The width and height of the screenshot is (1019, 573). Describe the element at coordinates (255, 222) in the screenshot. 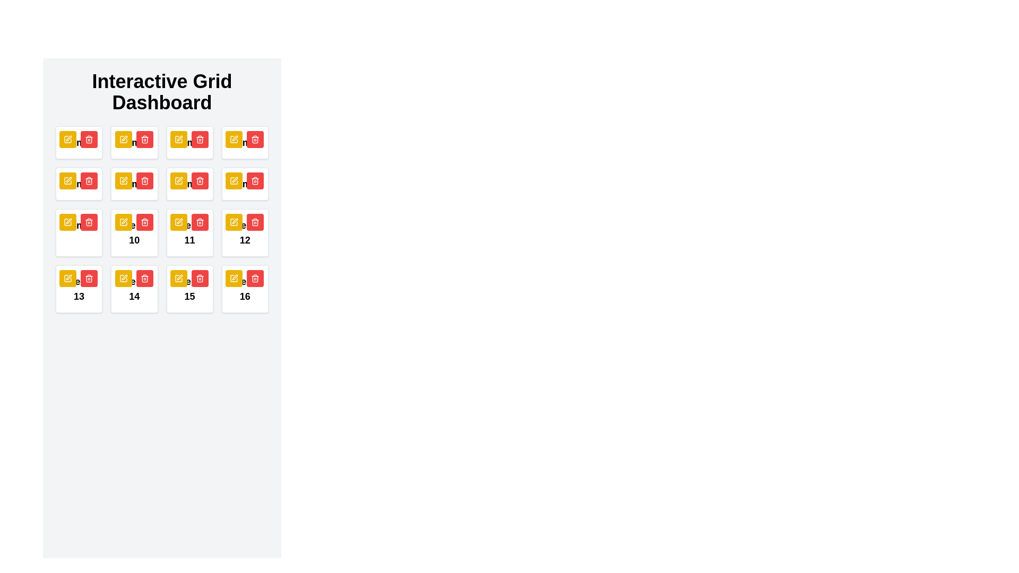

I see `the delete icon located on the right side of the fourth row in the 'Interactive Grid Dashboard'` at that location.